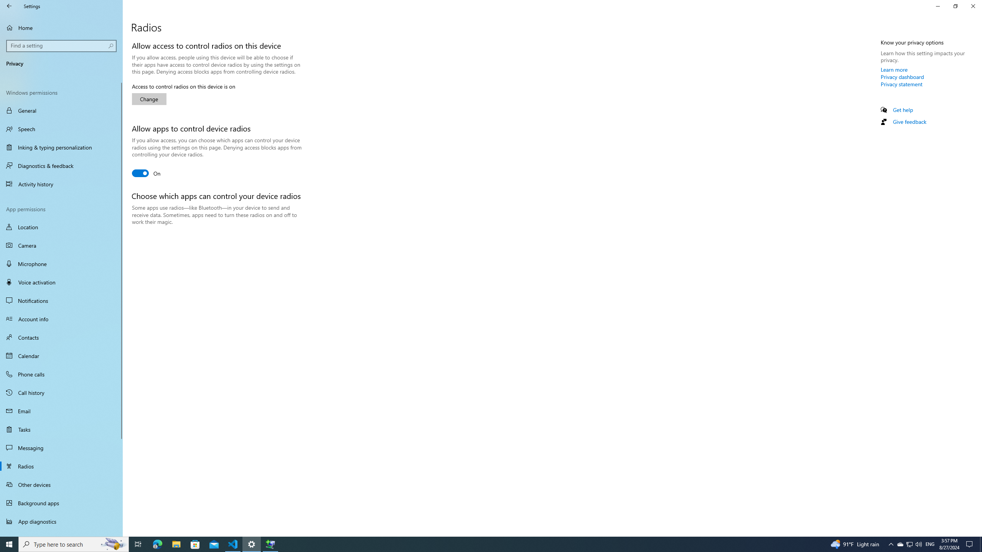  Describe the element at coordinates (937, 6) in the screenshot. I see `'Minimize Settings'` at that location.